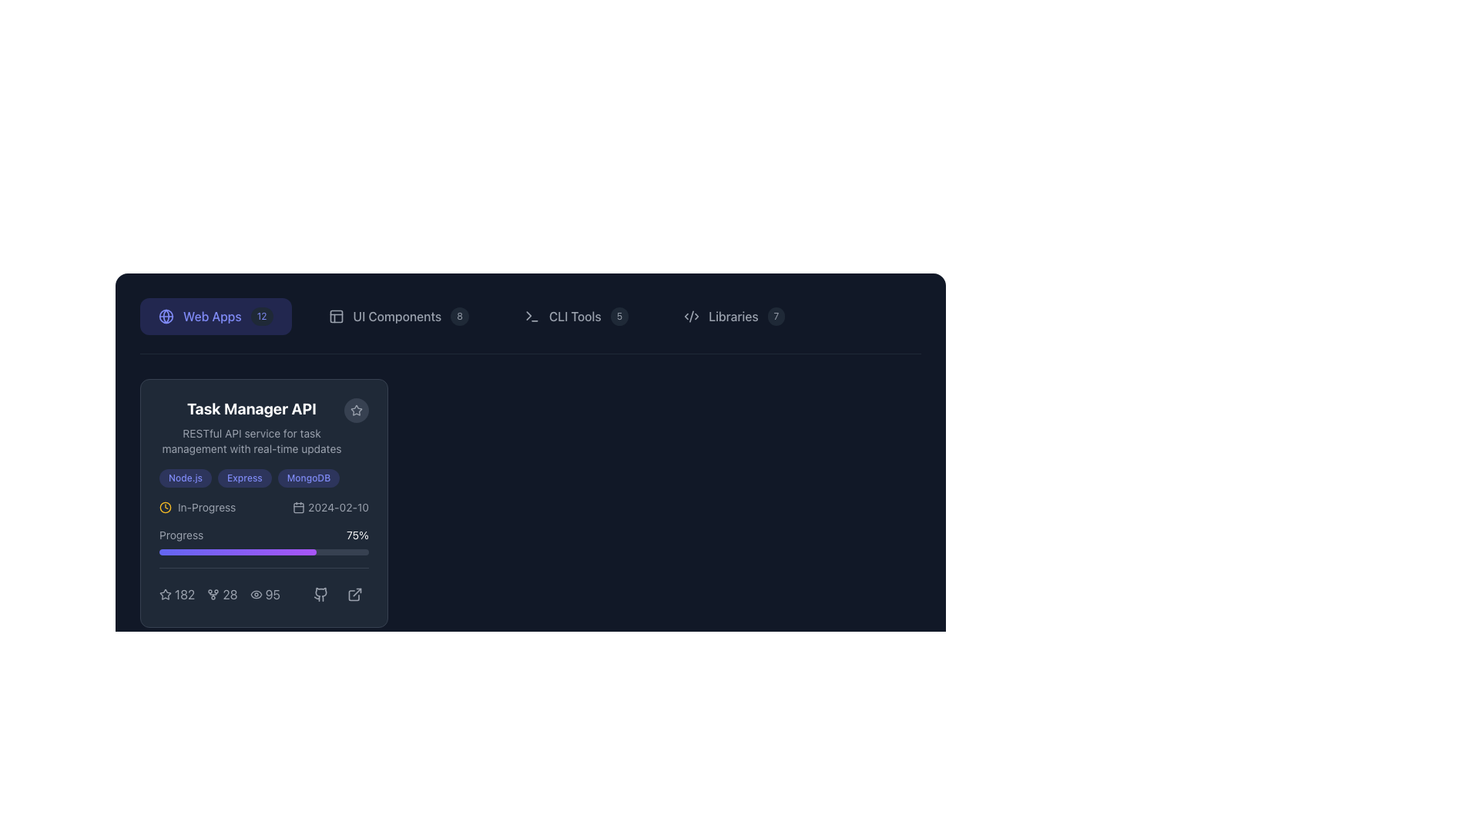 The image size is (1479, 832). I want to click on number of stars or likes displayed in the first icon-label pair located in the bottom-left corner of the 'Task Manager API' card on the main dashboard under 'Web Apps', so click(177, 593).